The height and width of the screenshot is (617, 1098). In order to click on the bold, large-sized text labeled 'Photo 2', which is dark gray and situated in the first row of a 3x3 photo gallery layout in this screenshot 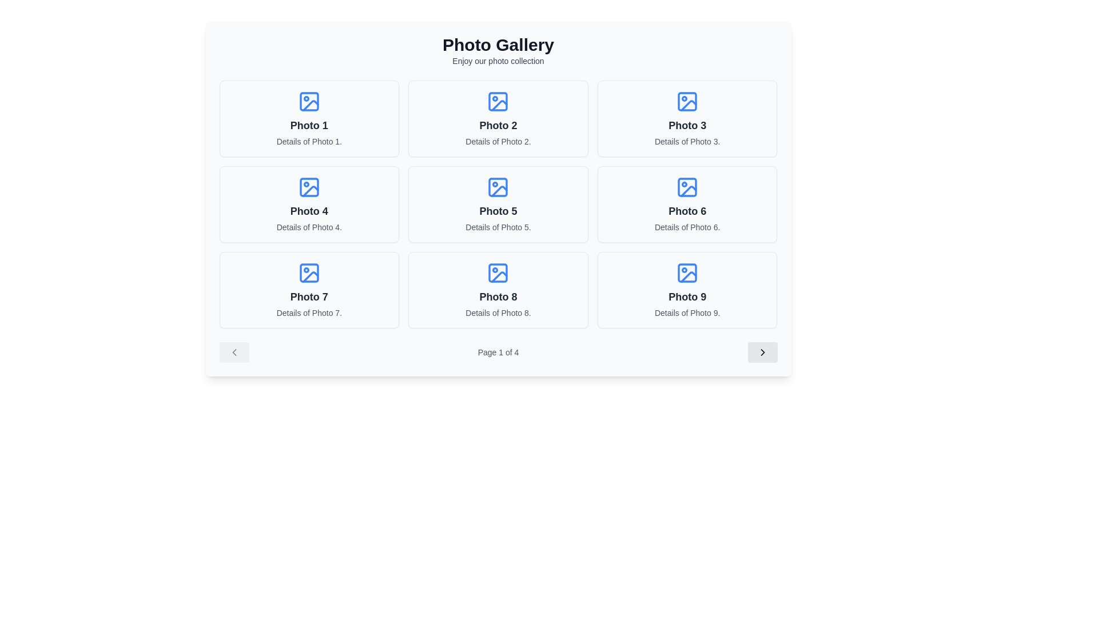, I will do `click(498, 125)`.